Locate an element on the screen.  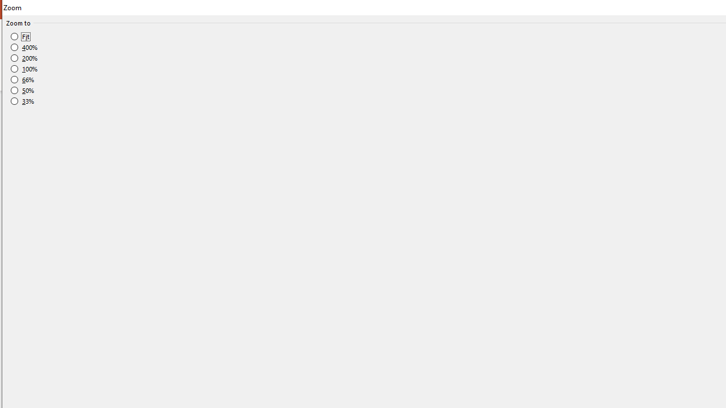
'50%' is located at coordinates (23, 90).